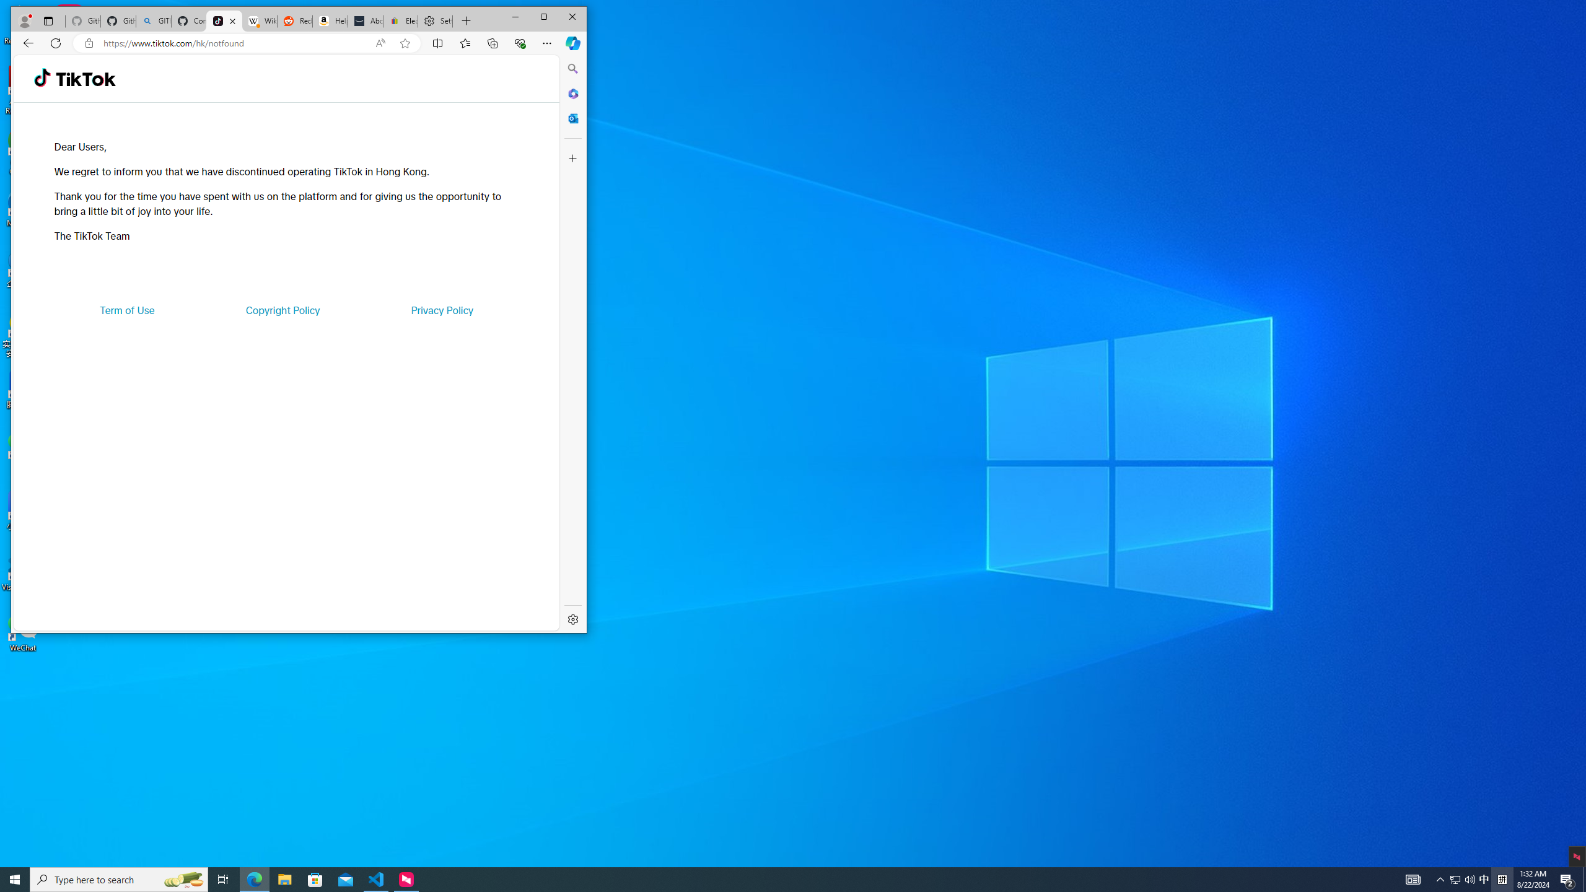  I want to click on 'Show desktop', so click(1584, 878).